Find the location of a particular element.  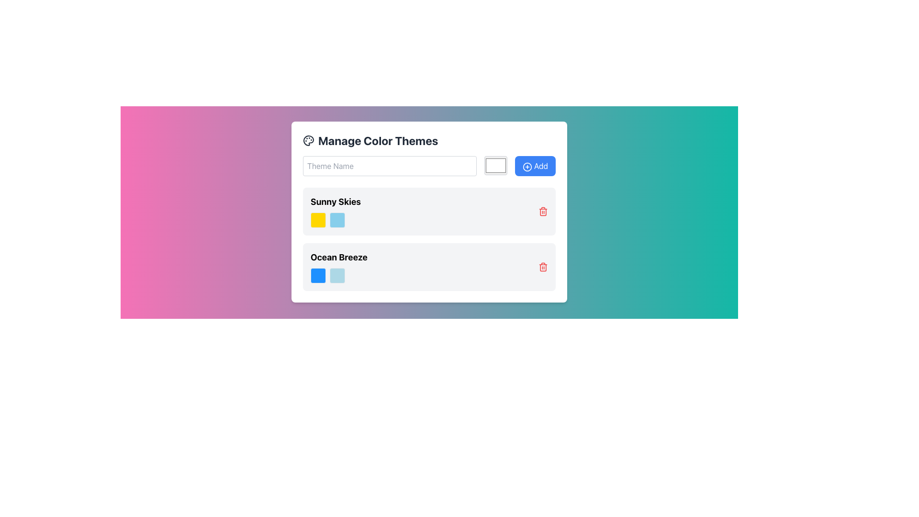

a color from the color picker control located in the 'Manage Color Themes' form, which is positioned in the middle of the Composite component with a text input box and an 'Add' button is located at coordinates (429, 166).